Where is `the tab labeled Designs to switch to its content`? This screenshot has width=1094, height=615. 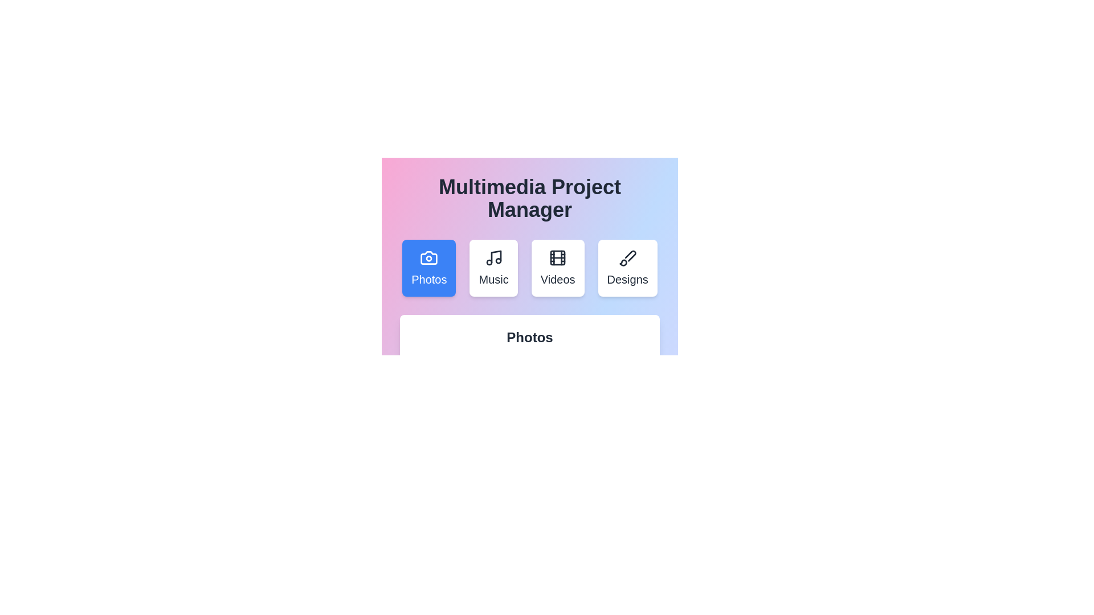
the tab labeled Designs to switch to its content is located at coordinates (626, 268).